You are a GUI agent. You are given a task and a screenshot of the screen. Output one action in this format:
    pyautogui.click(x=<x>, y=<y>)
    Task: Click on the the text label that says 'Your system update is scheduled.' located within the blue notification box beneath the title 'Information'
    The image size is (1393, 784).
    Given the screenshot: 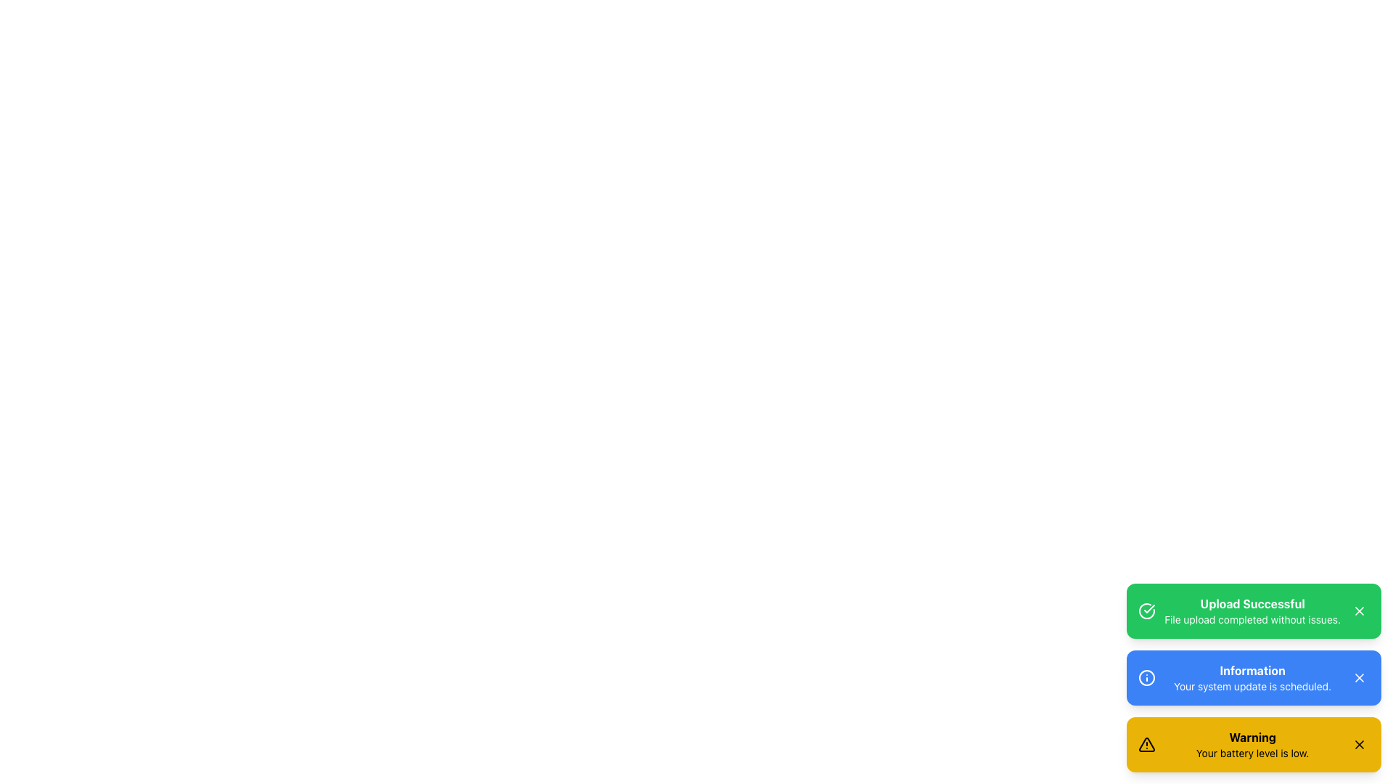 What is the action you would take?
    pyautogui.click(x=1252, y=686)
    